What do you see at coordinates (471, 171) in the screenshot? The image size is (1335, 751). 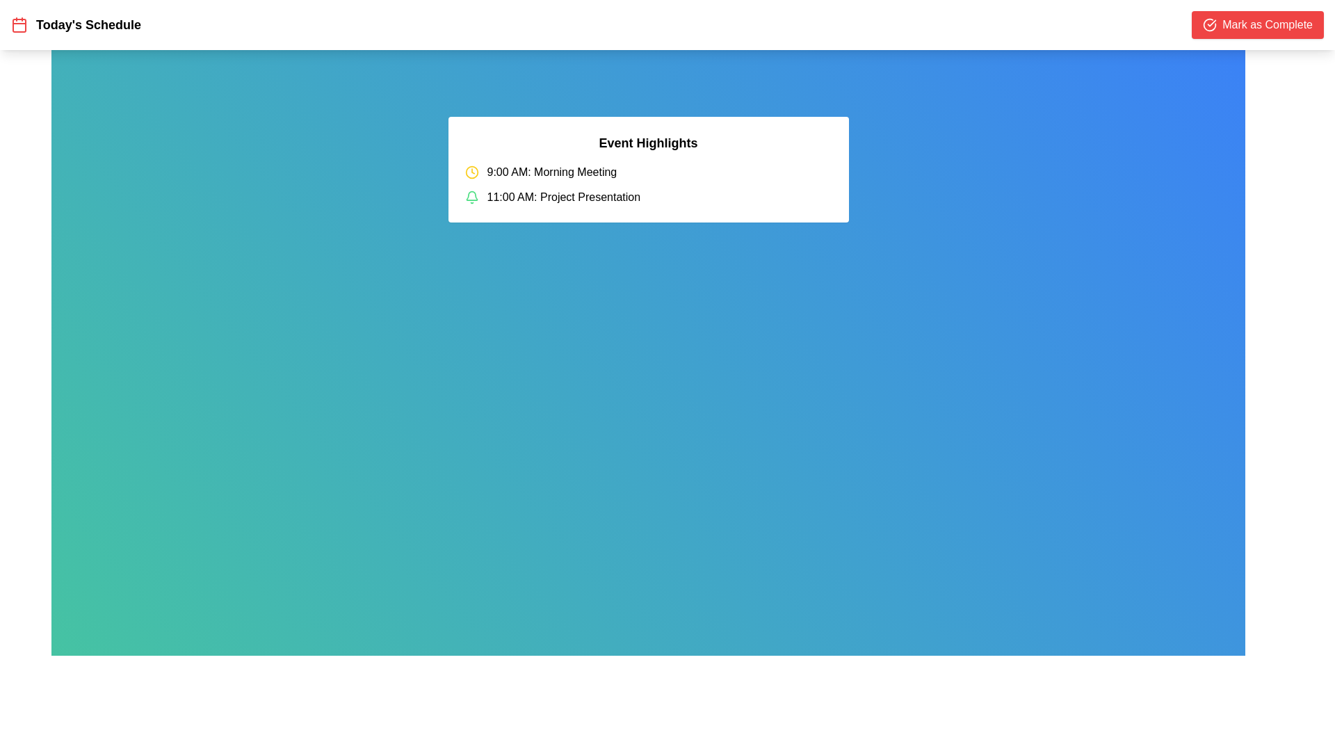 I see `the circular shape with a yellow border inside the clock icon representing the 9:00 AM event in the 'Event Highlights' section` at bounding box center [471, 171].